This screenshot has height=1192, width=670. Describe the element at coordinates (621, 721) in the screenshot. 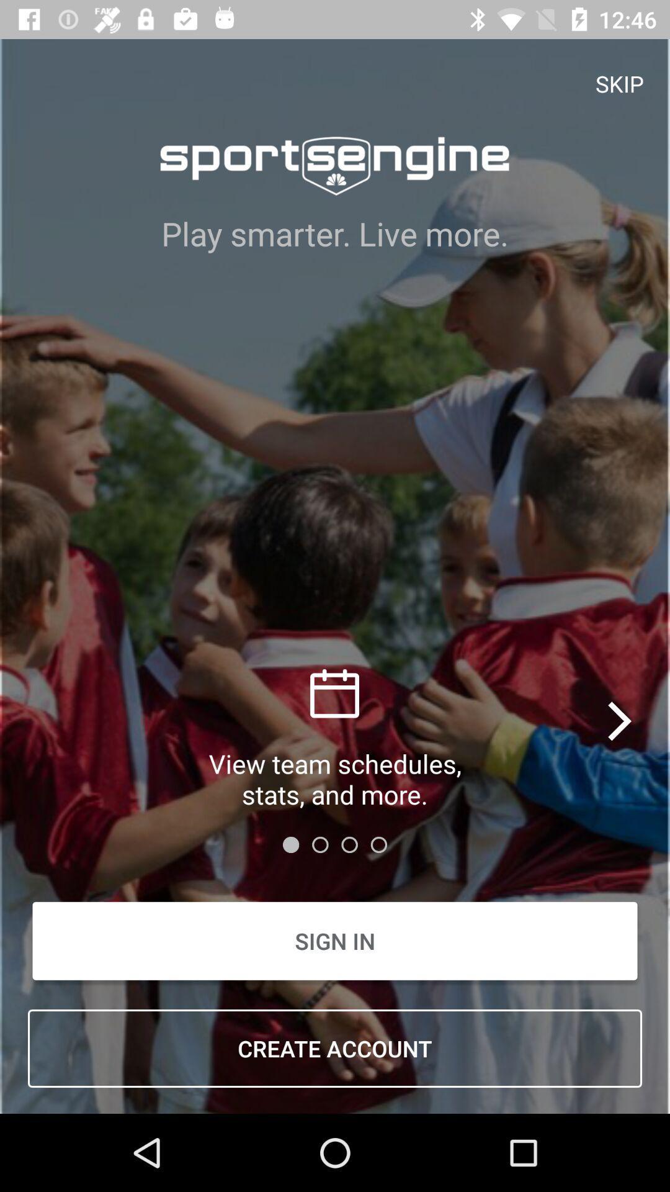

I see `item next to view team schedules icon` at that location.